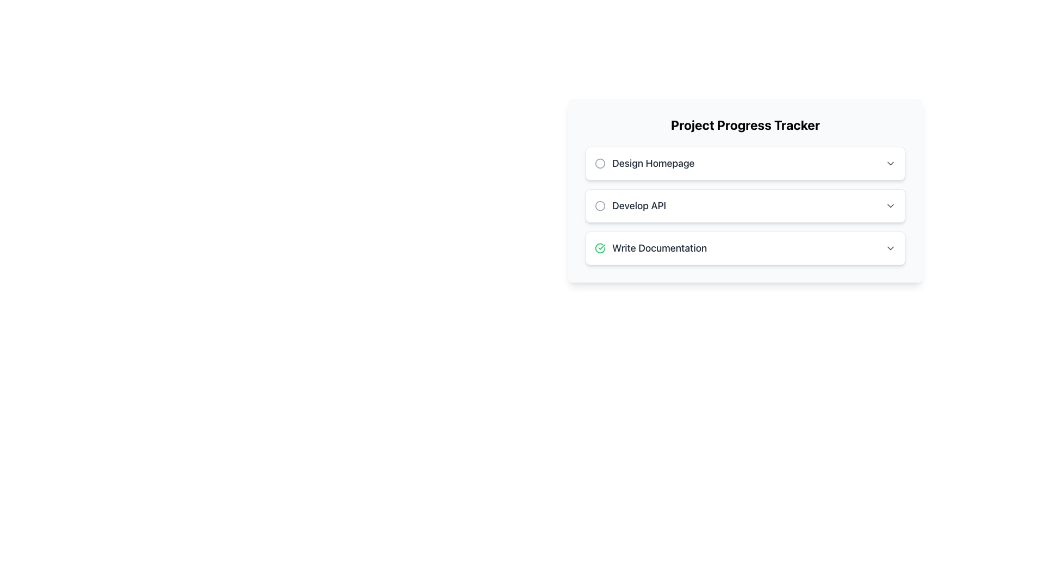  What do you see at coordinates (745, 205) in the screenshot?
I see `the second task item labeled 'Develop API' in the project progress tracker` at bounding box center [745, 205].